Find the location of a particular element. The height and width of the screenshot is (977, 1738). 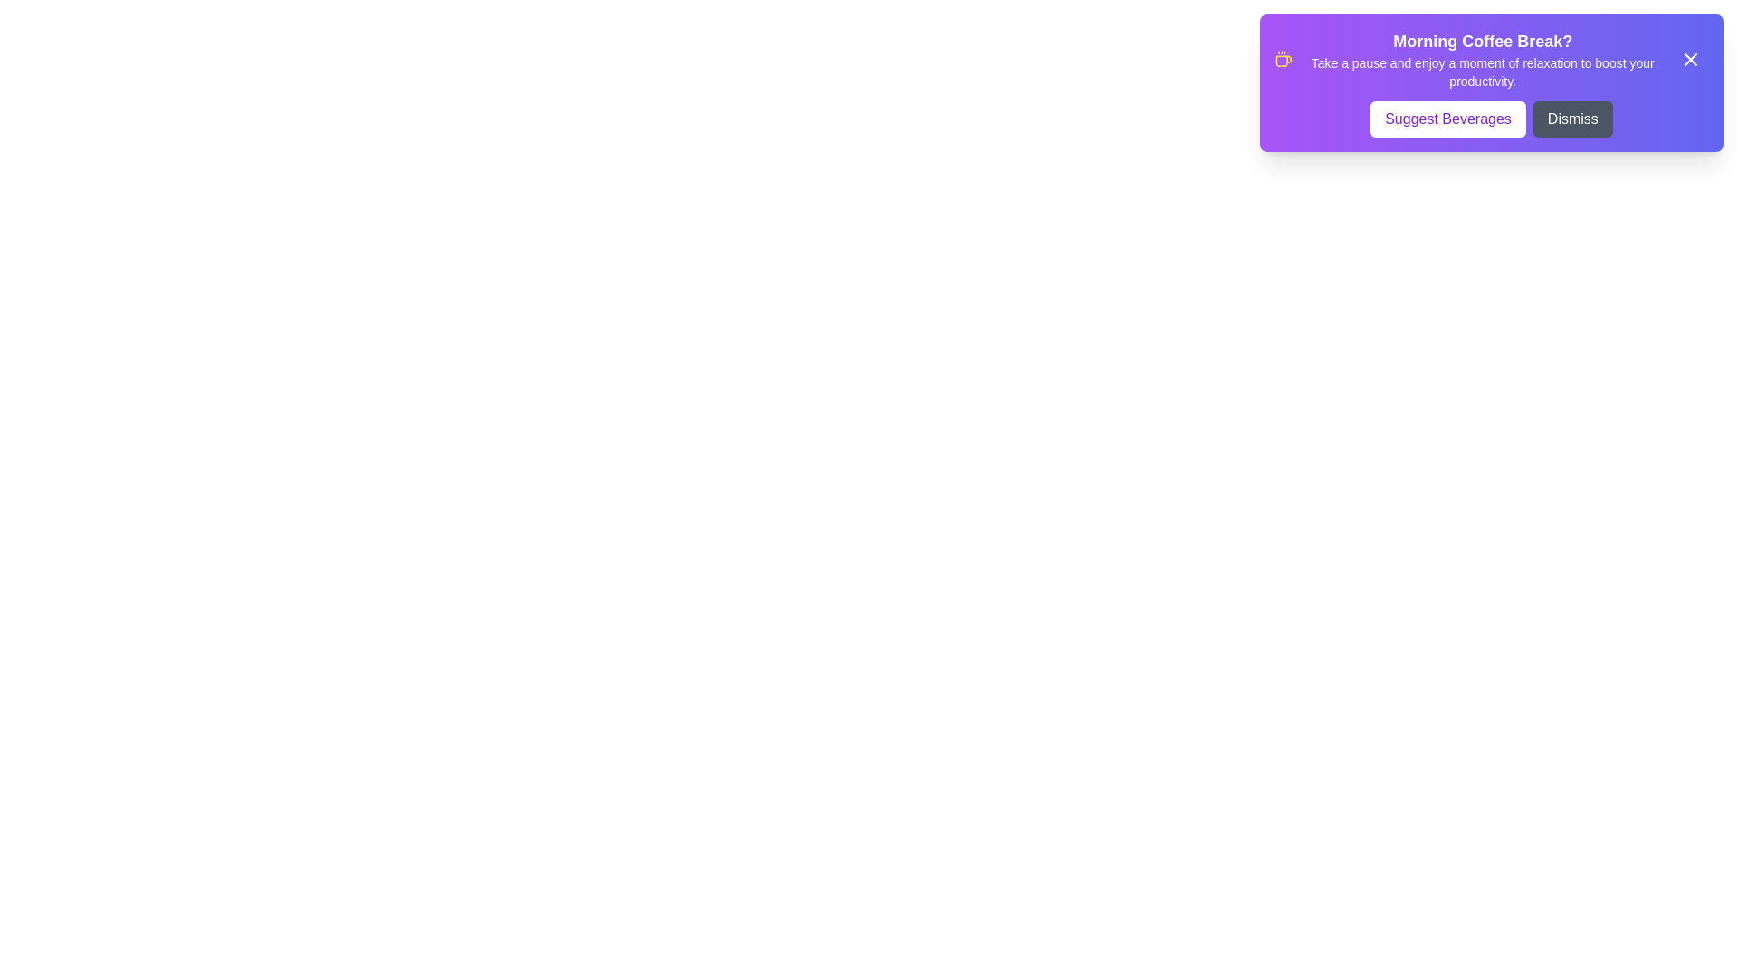

the 'Dismiss' button to observe its hover effect is located at coordinates (1571, 119).